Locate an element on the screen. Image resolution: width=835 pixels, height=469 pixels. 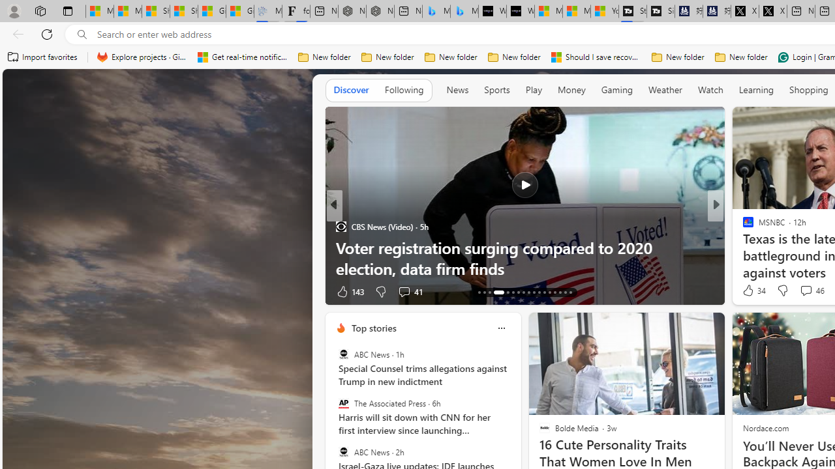
'49 Like' is located at coordinates (750, 291).